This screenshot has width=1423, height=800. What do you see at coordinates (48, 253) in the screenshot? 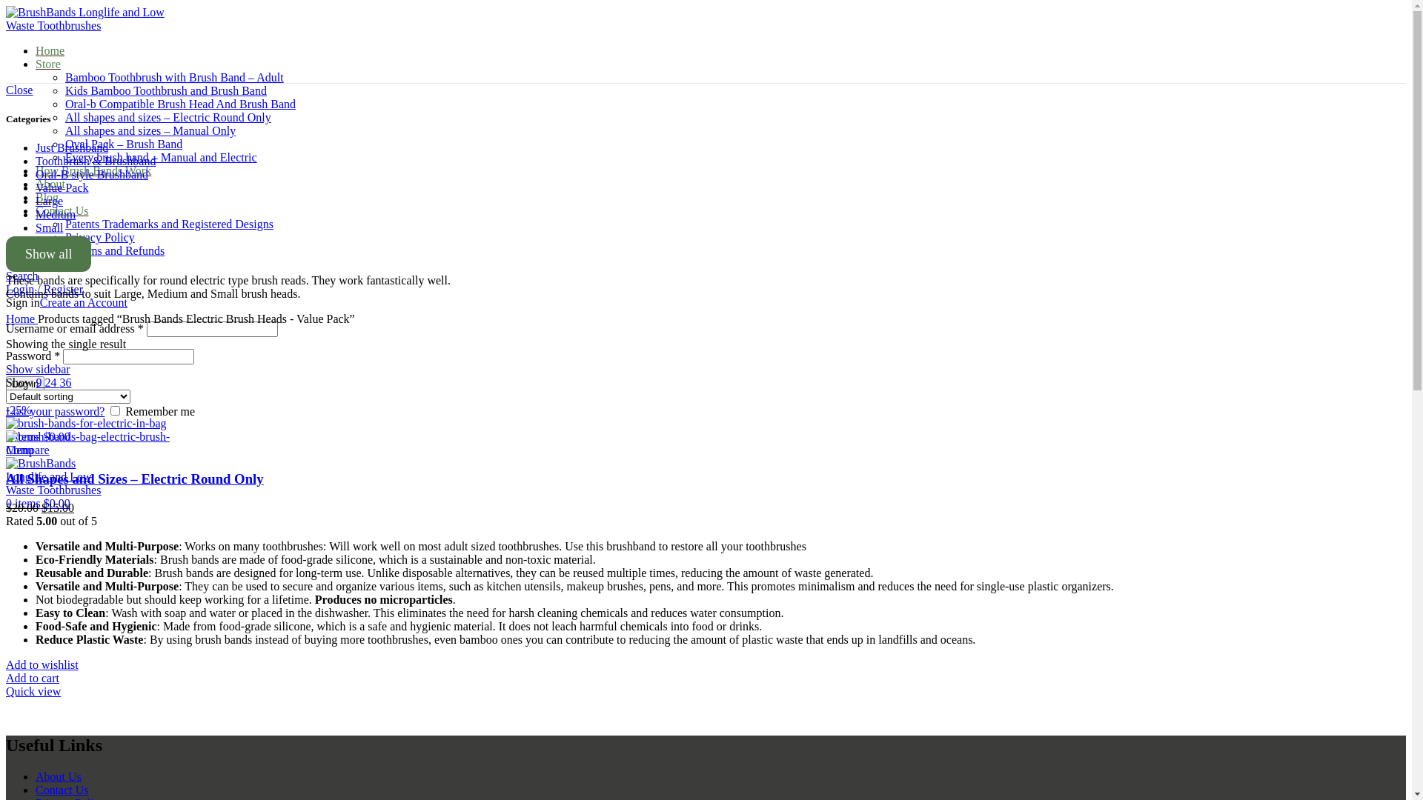
I see `'Show all'` at bounding box center [48, 253].